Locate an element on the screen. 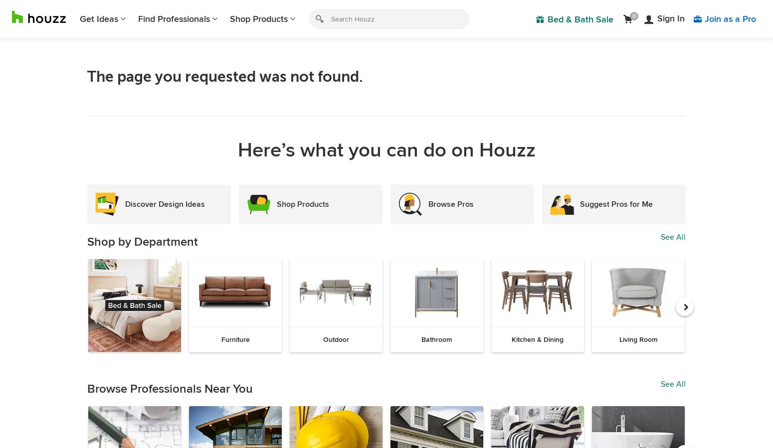 This screenshot has width=773, height=448. 'Get Ideas' is located at coordinates (98, 18).